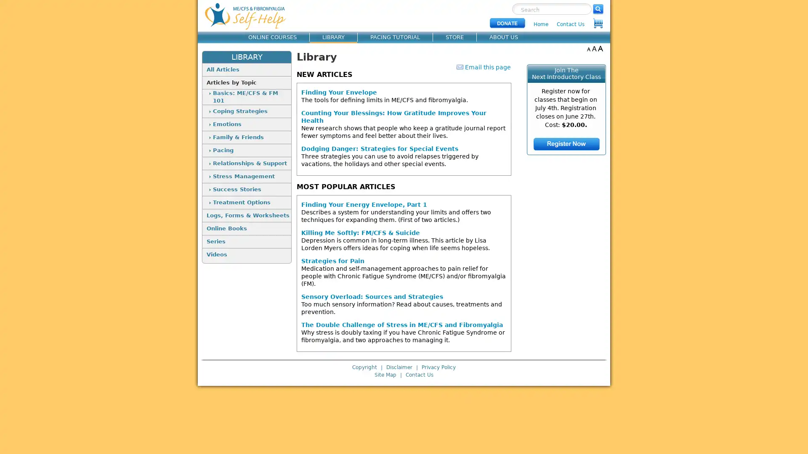 Image resolution: width=808 pixels, height=454 pixels. Describe the element at coordinates (588, 48) in the screenshot. I see `A` at that location.